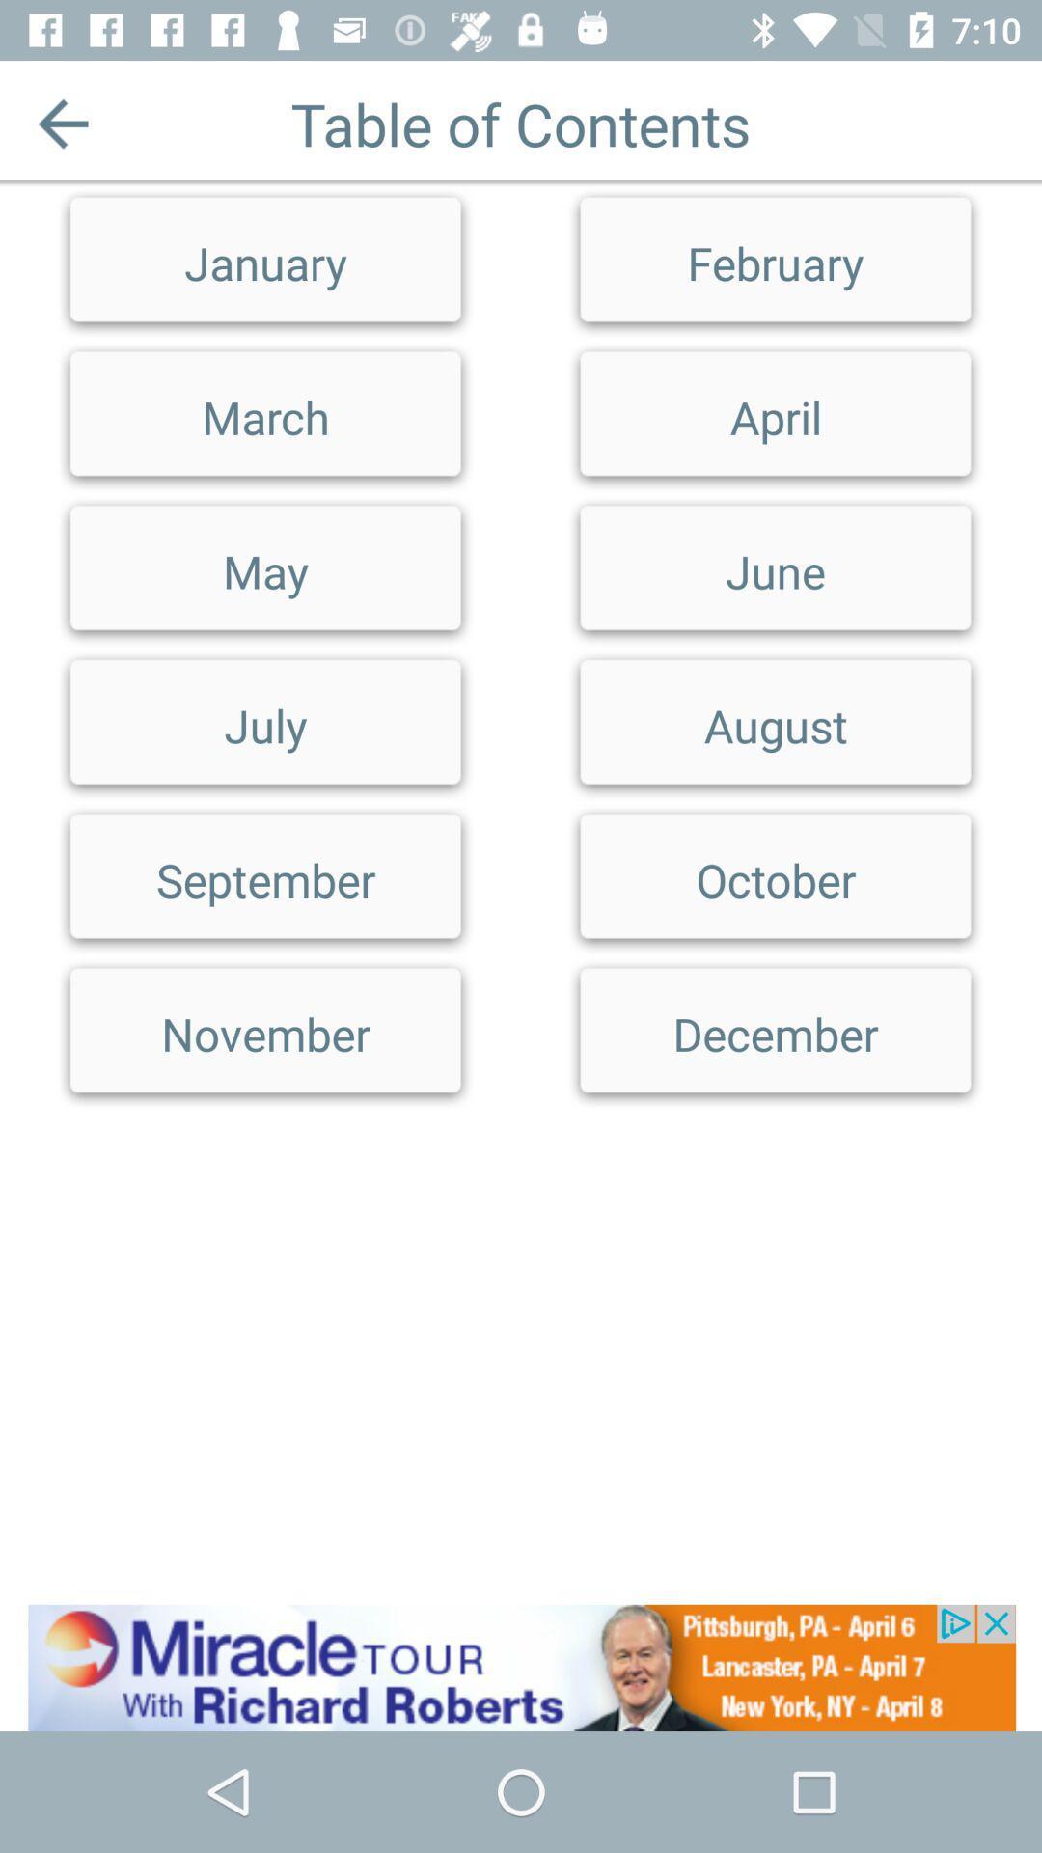 This screenshot has width=1042, height=1853. Describe the element at coordinates (62, 123) in the screenshot. I see `back` at that location.